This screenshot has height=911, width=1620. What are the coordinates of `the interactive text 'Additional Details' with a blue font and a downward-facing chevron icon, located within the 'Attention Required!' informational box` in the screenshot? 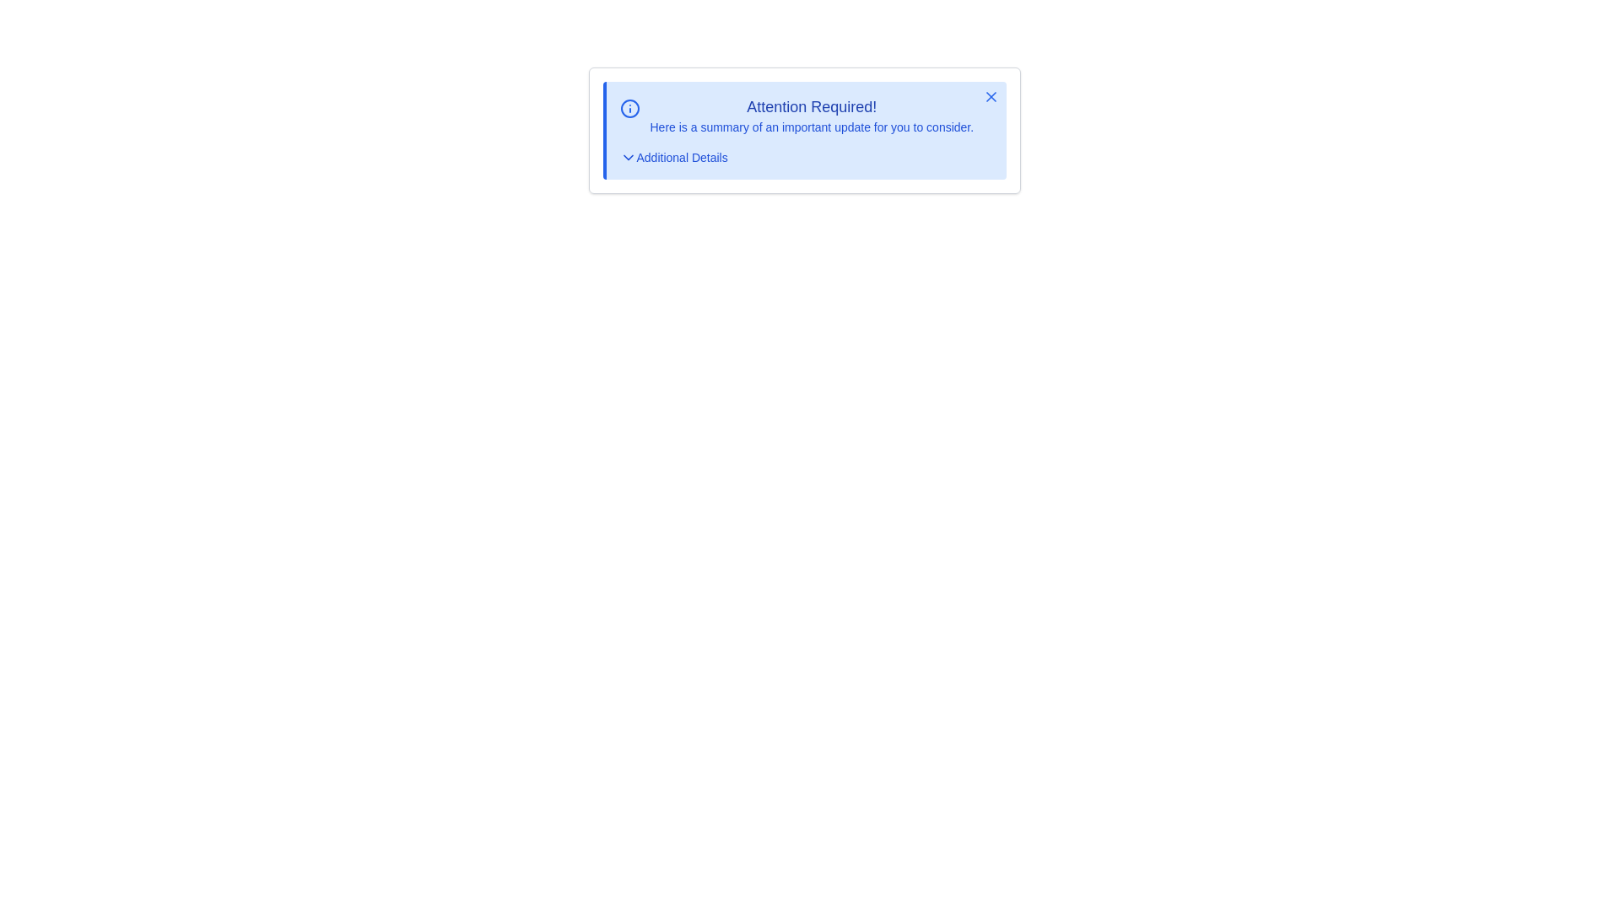 It's located at (672, 157).